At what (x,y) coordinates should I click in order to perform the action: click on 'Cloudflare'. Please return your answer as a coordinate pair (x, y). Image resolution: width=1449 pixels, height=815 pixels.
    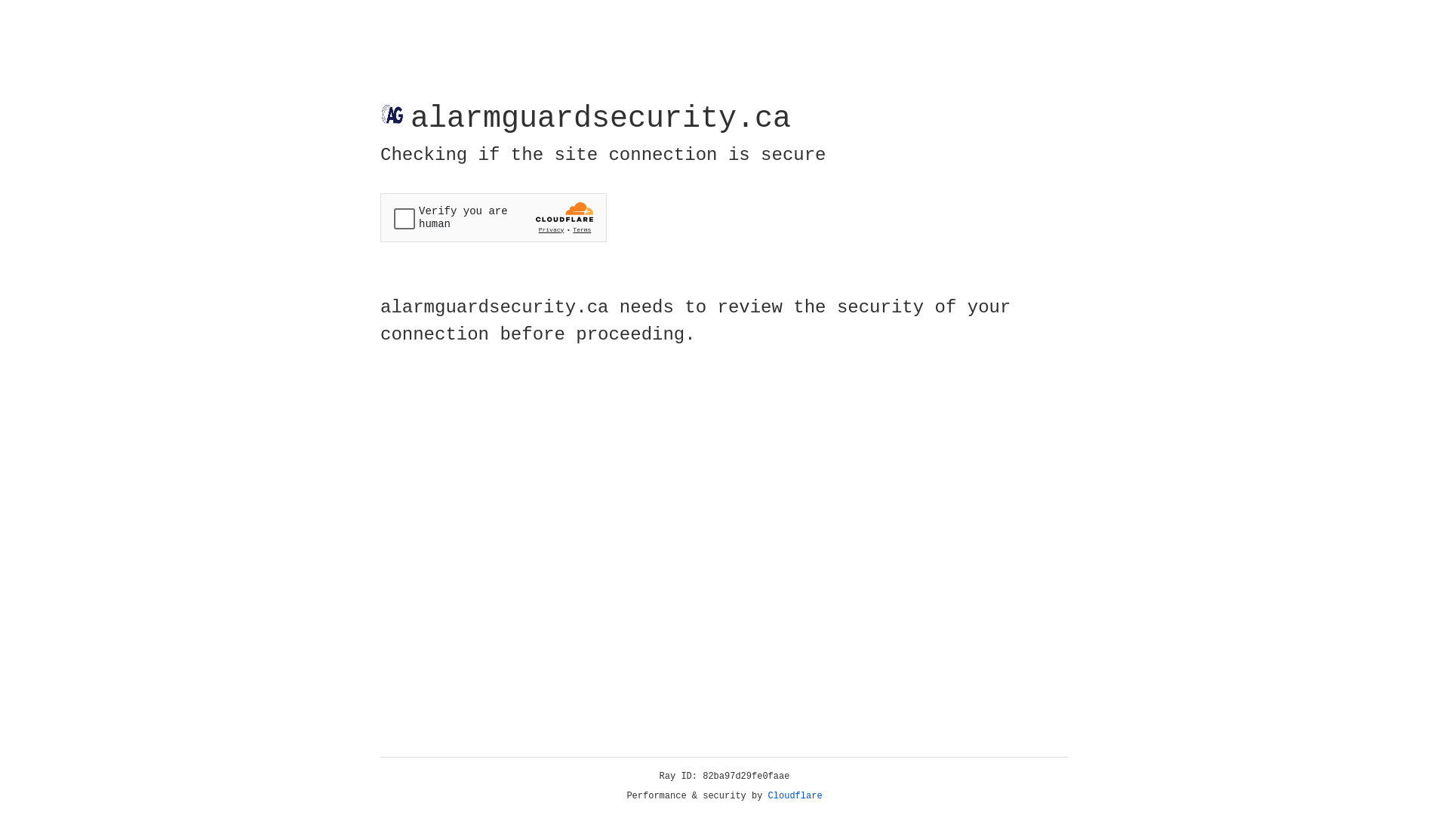
    Looking at the image, I should click on (795, 795).